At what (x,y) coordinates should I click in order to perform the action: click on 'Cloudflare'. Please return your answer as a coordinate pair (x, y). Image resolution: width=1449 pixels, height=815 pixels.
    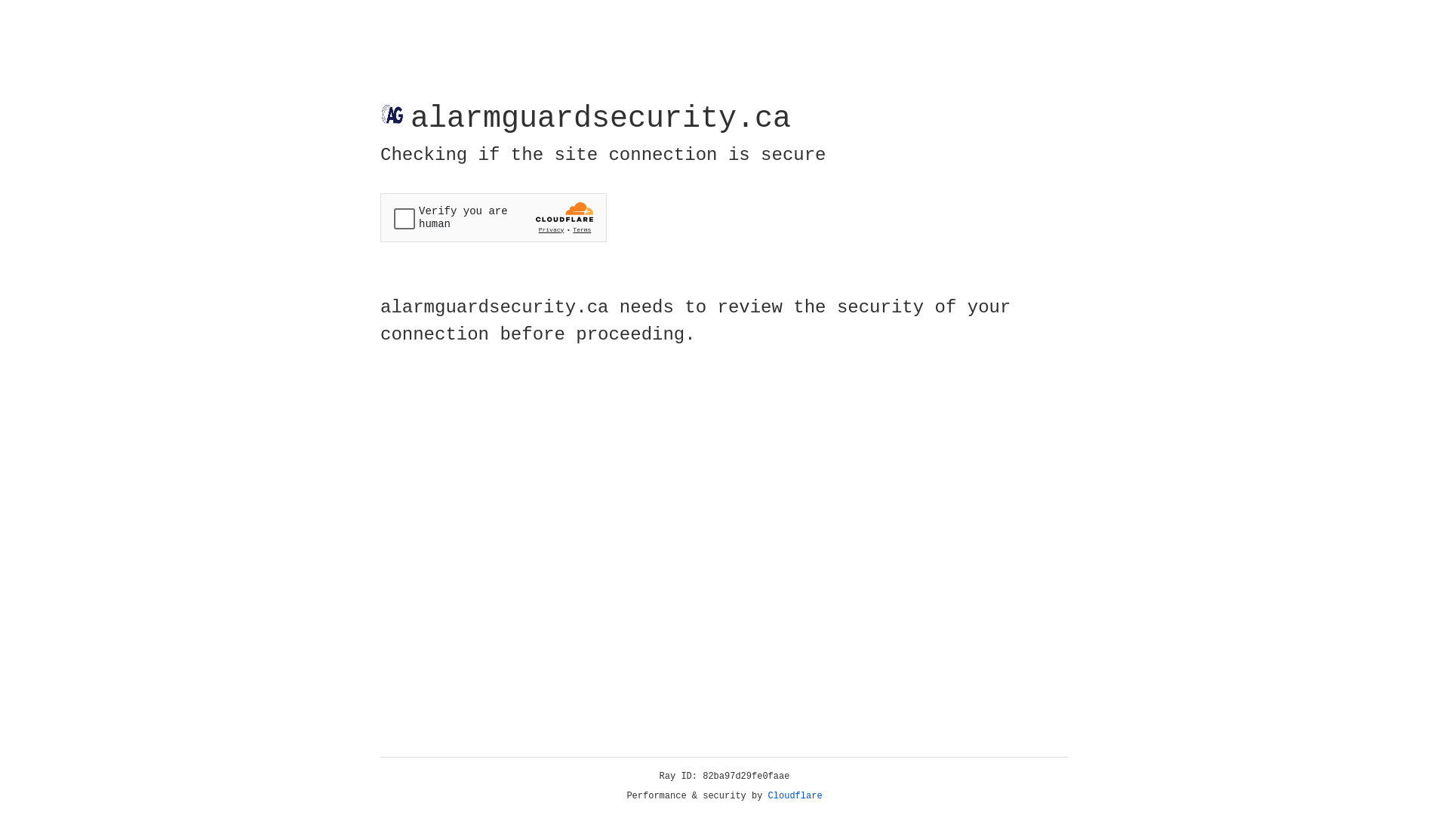
    Looking at the image, I should click on (795, 795).